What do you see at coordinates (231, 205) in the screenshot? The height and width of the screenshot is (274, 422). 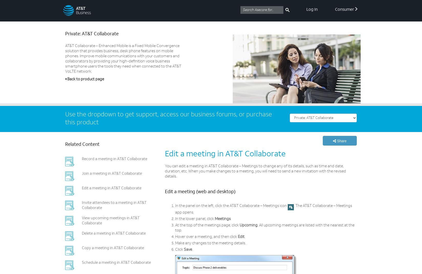 I see `'In the panel on the left, click the AT&T Collaborate – Meetings icon'` at bounding box center [231, 205].